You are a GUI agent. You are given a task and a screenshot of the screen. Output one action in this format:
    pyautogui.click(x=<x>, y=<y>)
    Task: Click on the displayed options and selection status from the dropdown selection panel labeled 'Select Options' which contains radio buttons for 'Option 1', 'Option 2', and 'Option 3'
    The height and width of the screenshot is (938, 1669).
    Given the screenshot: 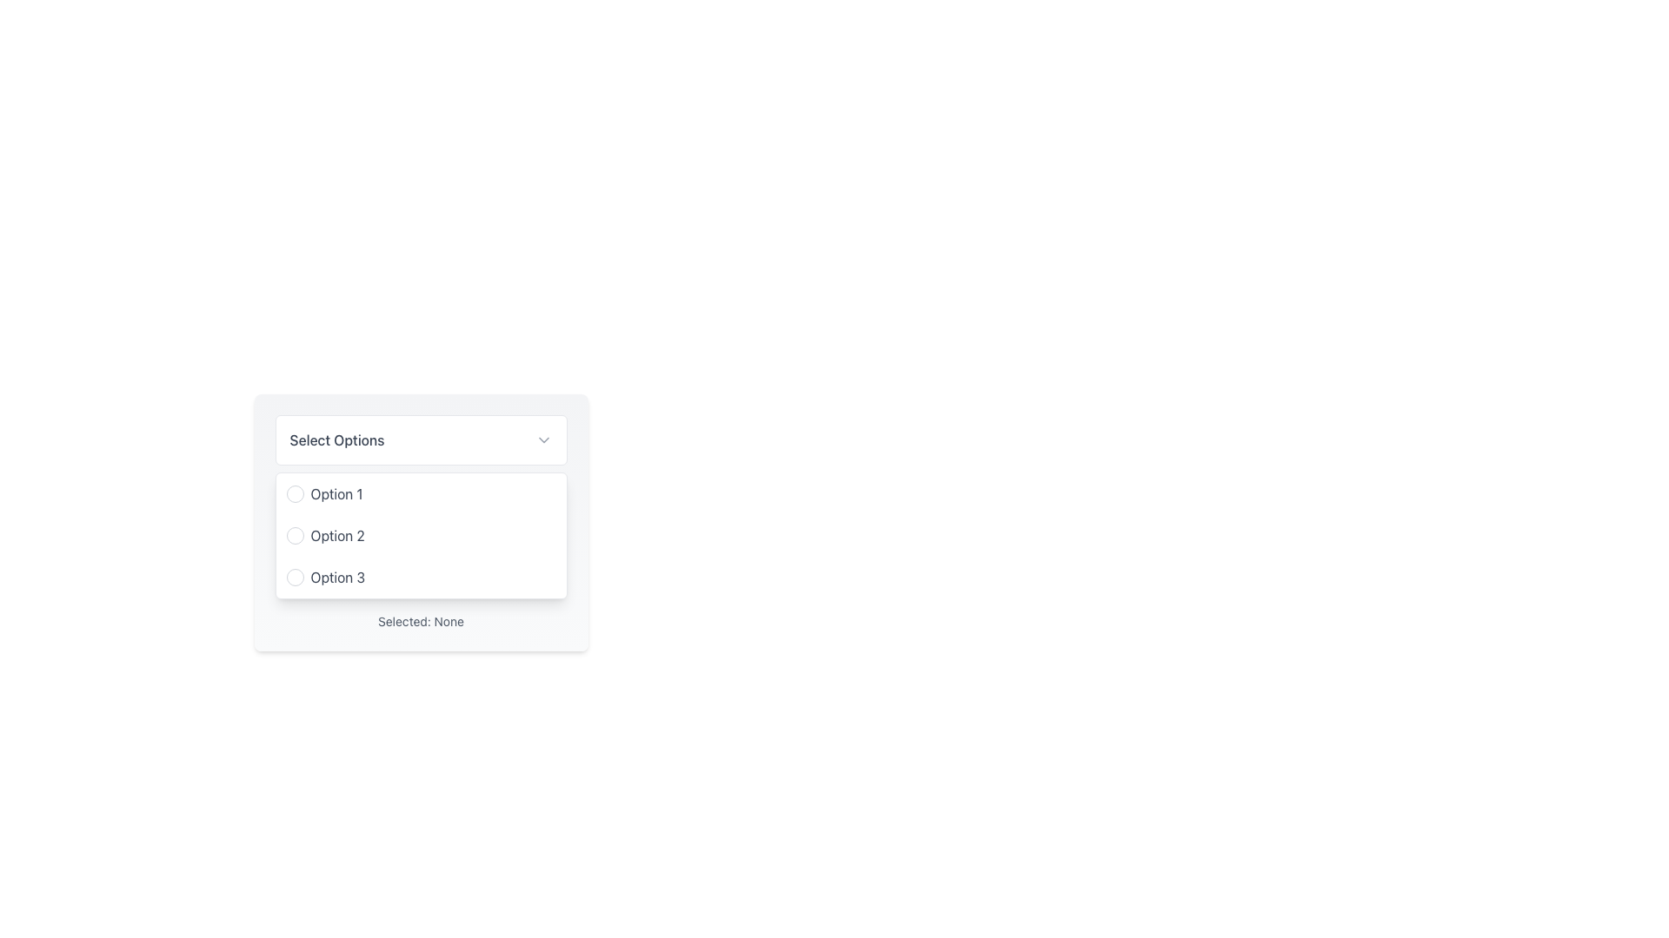 What is the action you would take?
    pyautogui.click(x=421, y=528)
    